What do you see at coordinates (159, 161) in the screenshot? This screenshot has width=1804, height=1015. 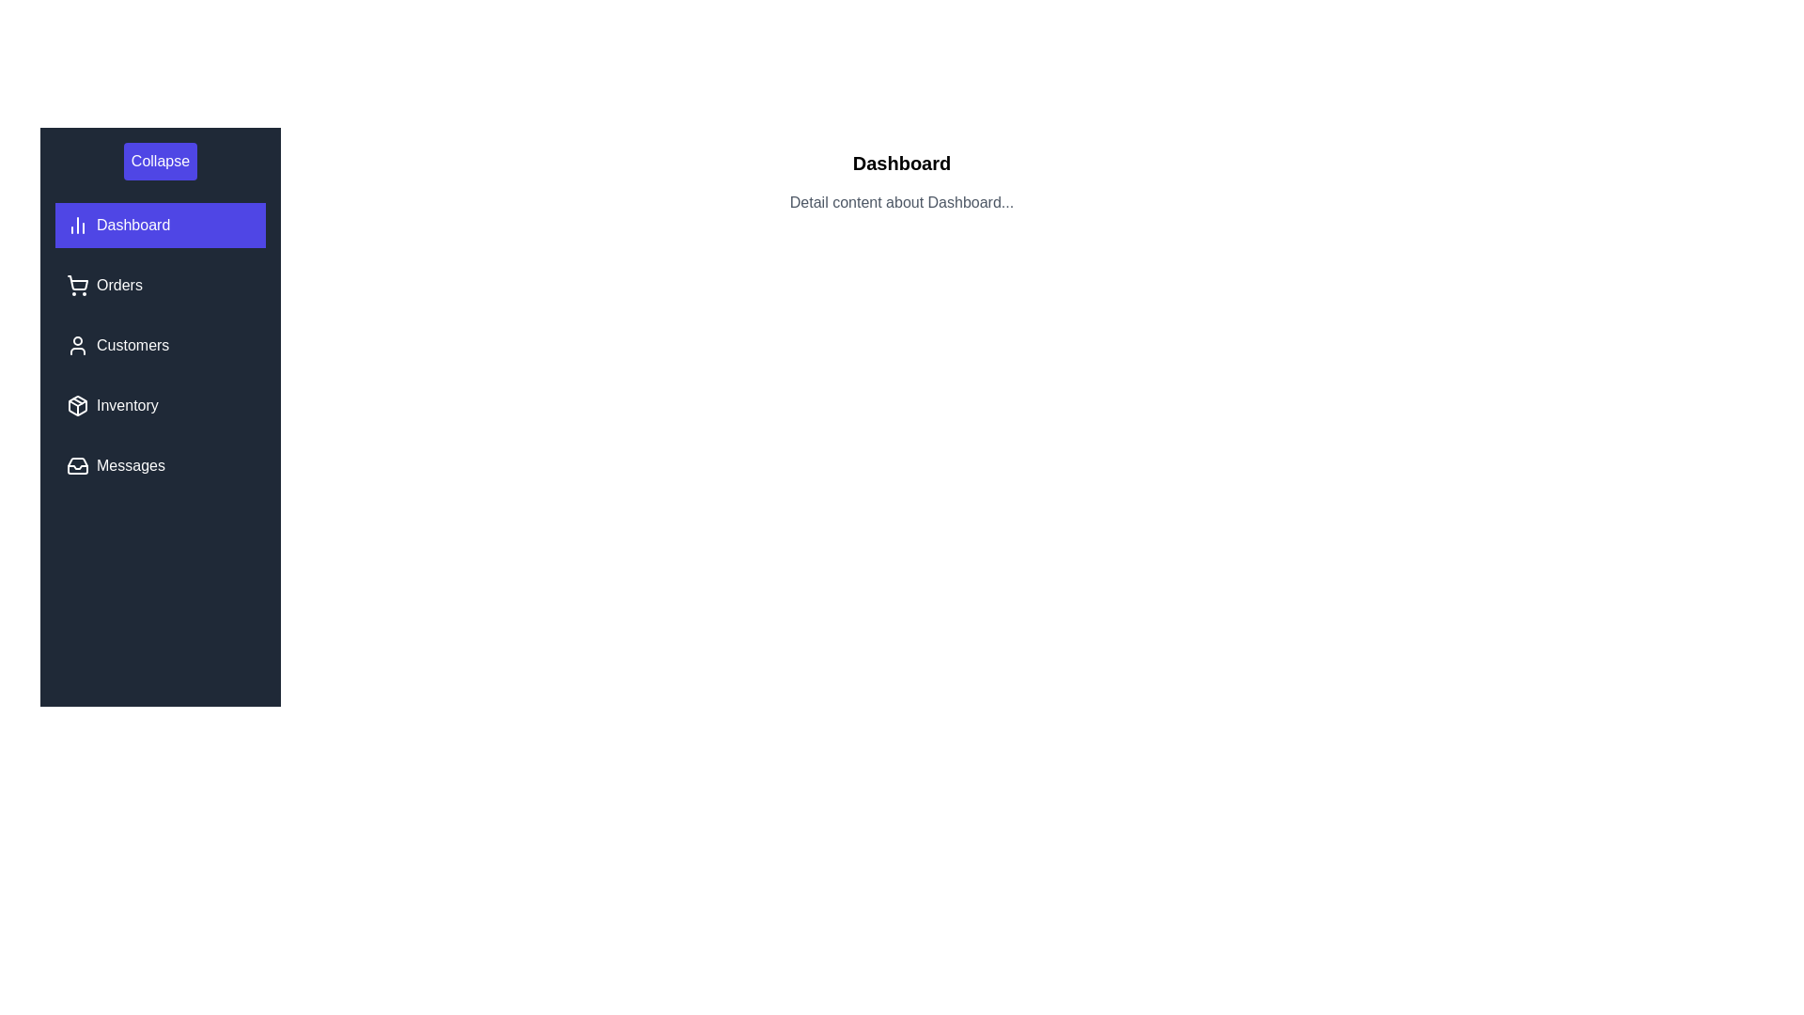 I see `the 'Collapse' button to toggle the sidebar state` at bounding box center [159, 161].